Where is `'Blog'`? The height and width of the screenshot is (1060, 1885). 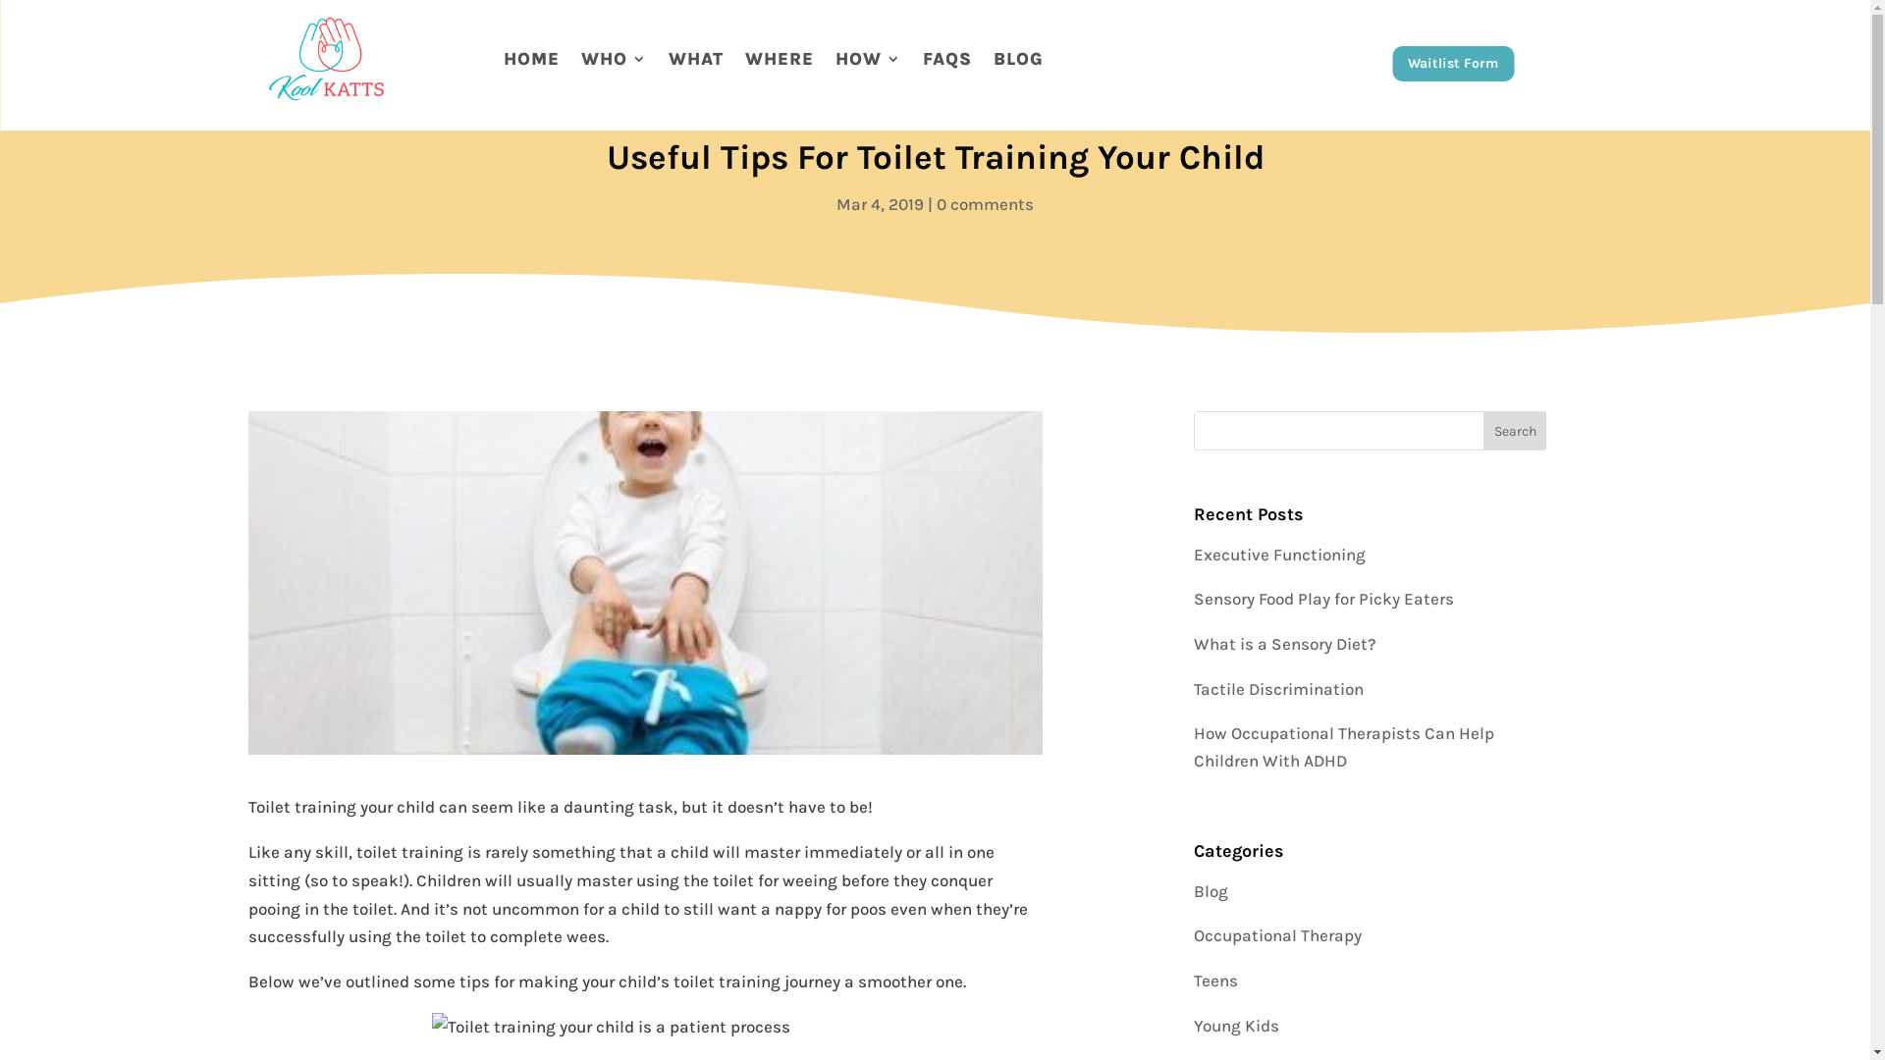 'Blog' is located at coordinates (1210, 890).